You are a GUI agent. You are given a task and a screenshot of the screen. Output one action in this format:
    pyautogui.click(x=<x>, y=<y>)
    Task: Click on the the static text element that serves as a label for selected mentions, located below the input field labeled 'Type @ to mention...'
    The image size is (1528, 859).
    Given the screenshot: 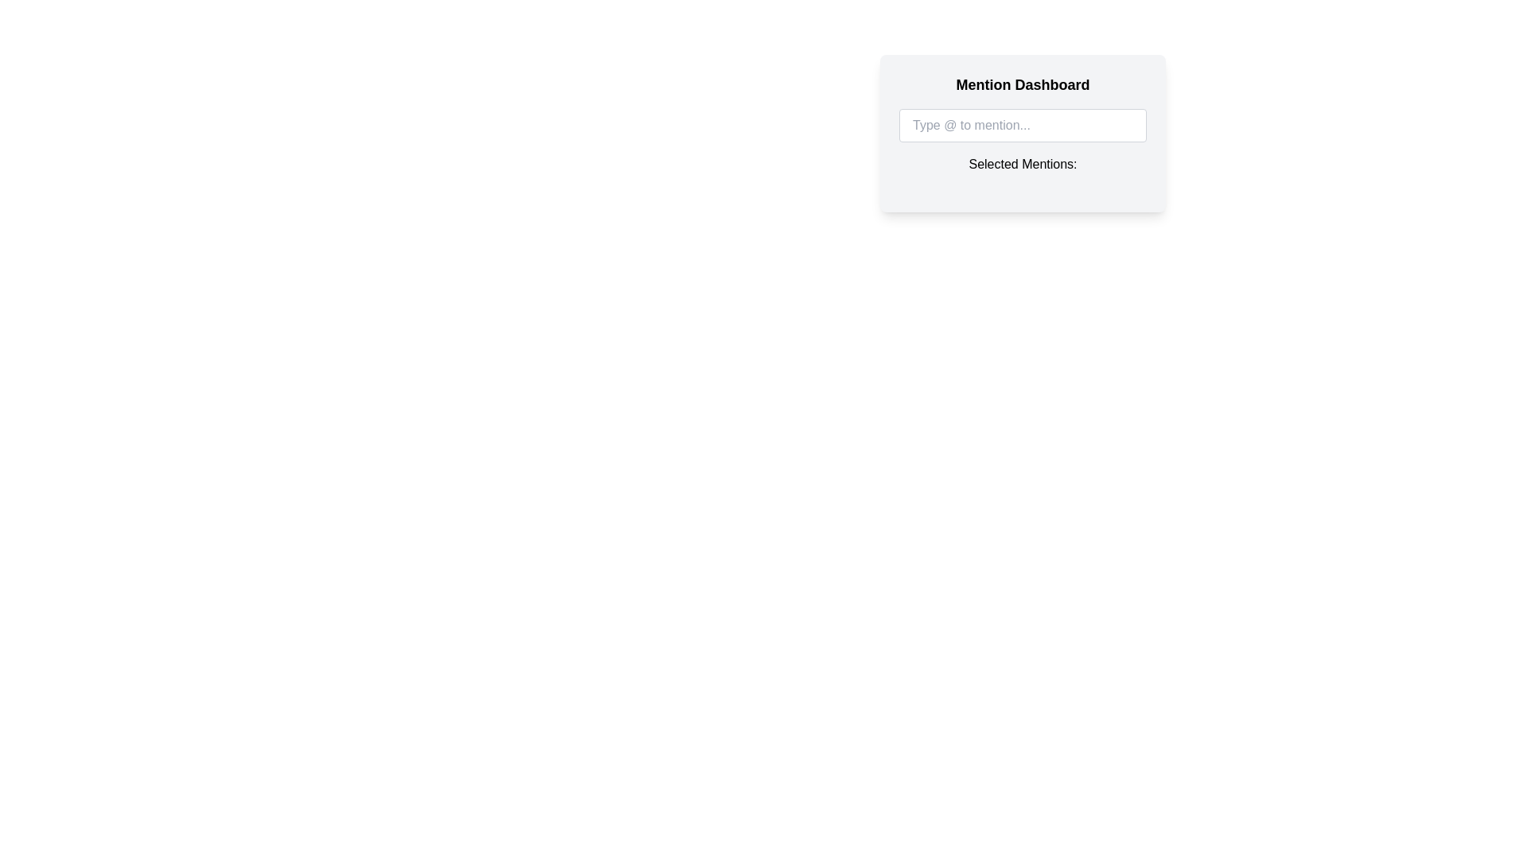 What is the action you would take?
    pyautogui.click(x=1023, y=168)
    